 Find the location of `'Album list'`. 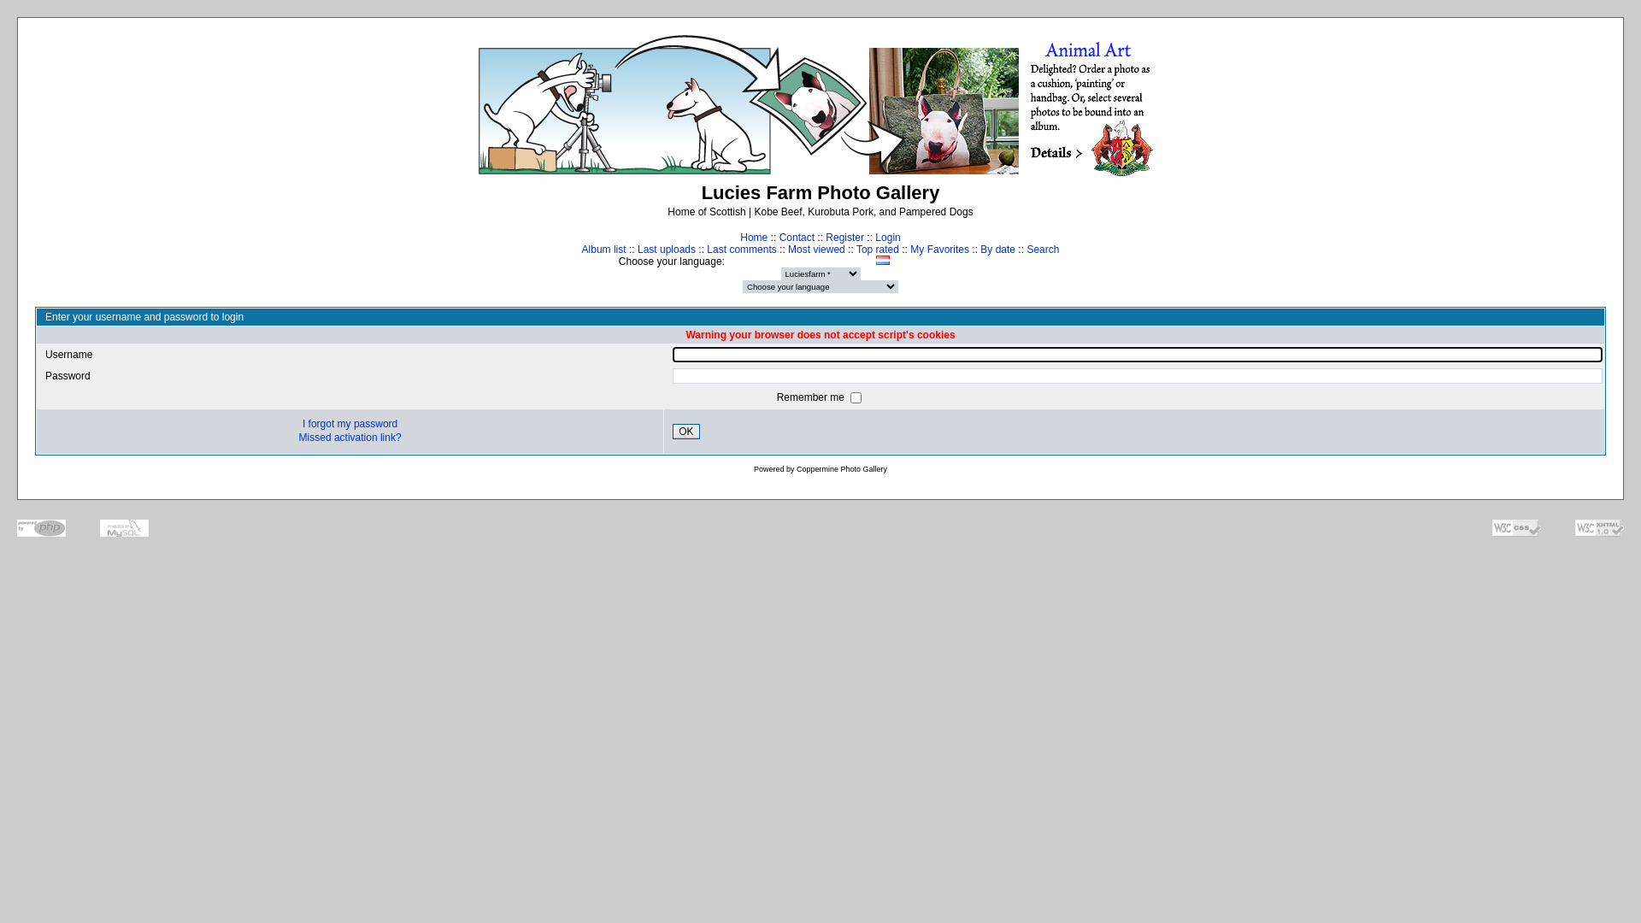

'Album list' is located at coordinates (603, 250).